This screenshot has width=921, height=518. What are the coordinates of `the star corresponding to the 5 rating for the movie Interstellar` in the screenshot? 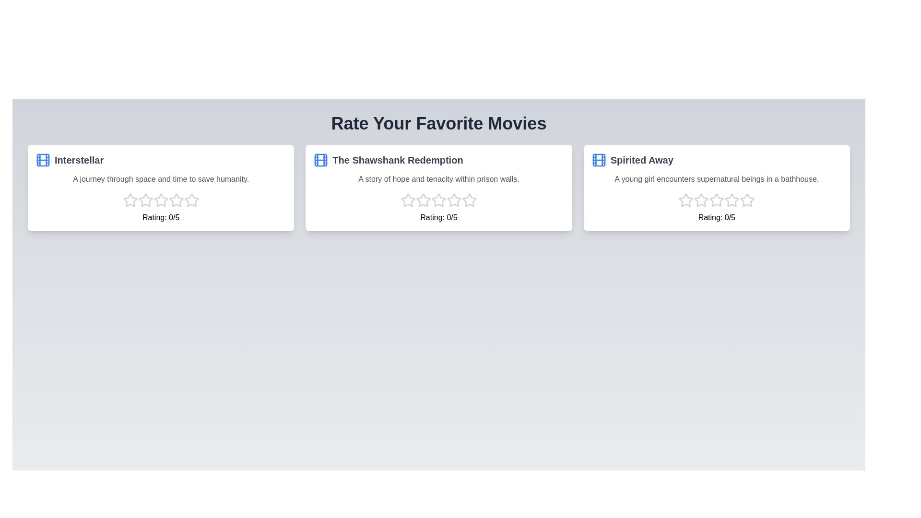 It's located at (191, 200).